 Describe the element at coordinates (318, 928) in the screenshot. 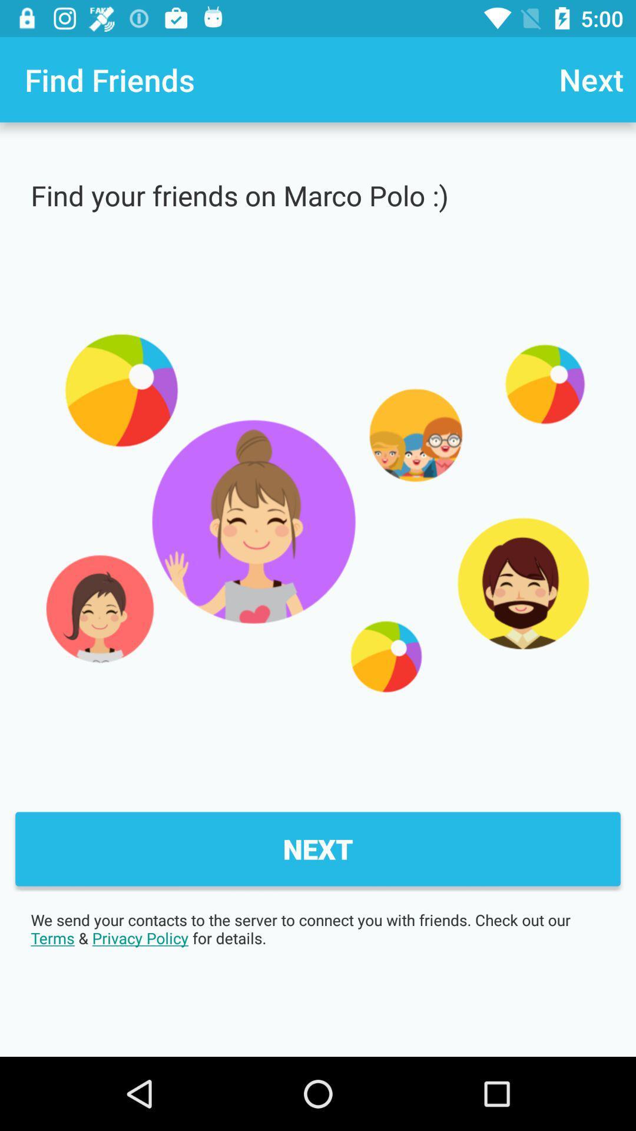

I see `the we send your item` at that location.